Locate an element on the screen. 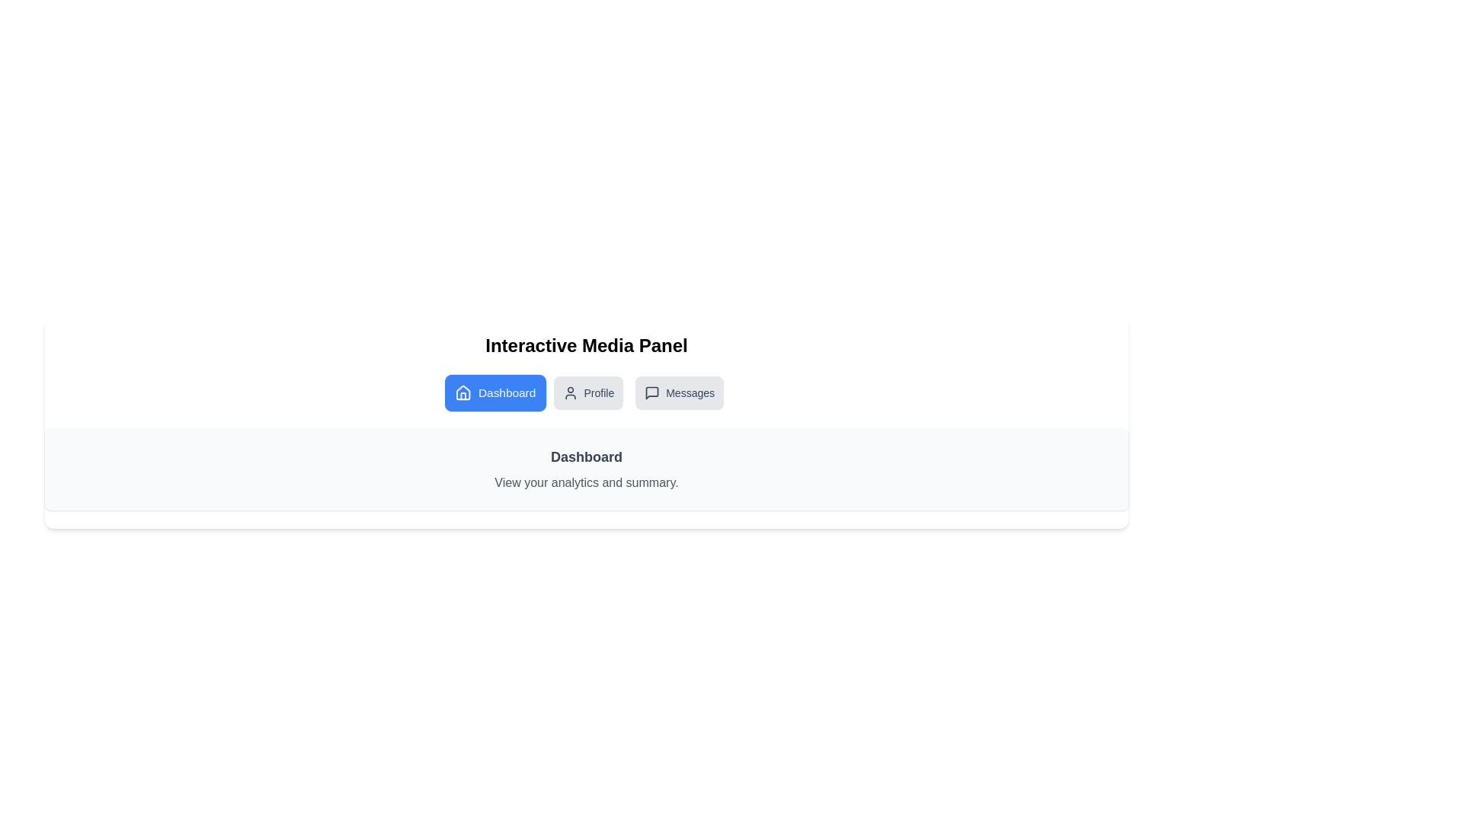 Image resolution: width=1463 pixels, height=823 pixels. the Dashboard tab is located at coordinates (495, 392).